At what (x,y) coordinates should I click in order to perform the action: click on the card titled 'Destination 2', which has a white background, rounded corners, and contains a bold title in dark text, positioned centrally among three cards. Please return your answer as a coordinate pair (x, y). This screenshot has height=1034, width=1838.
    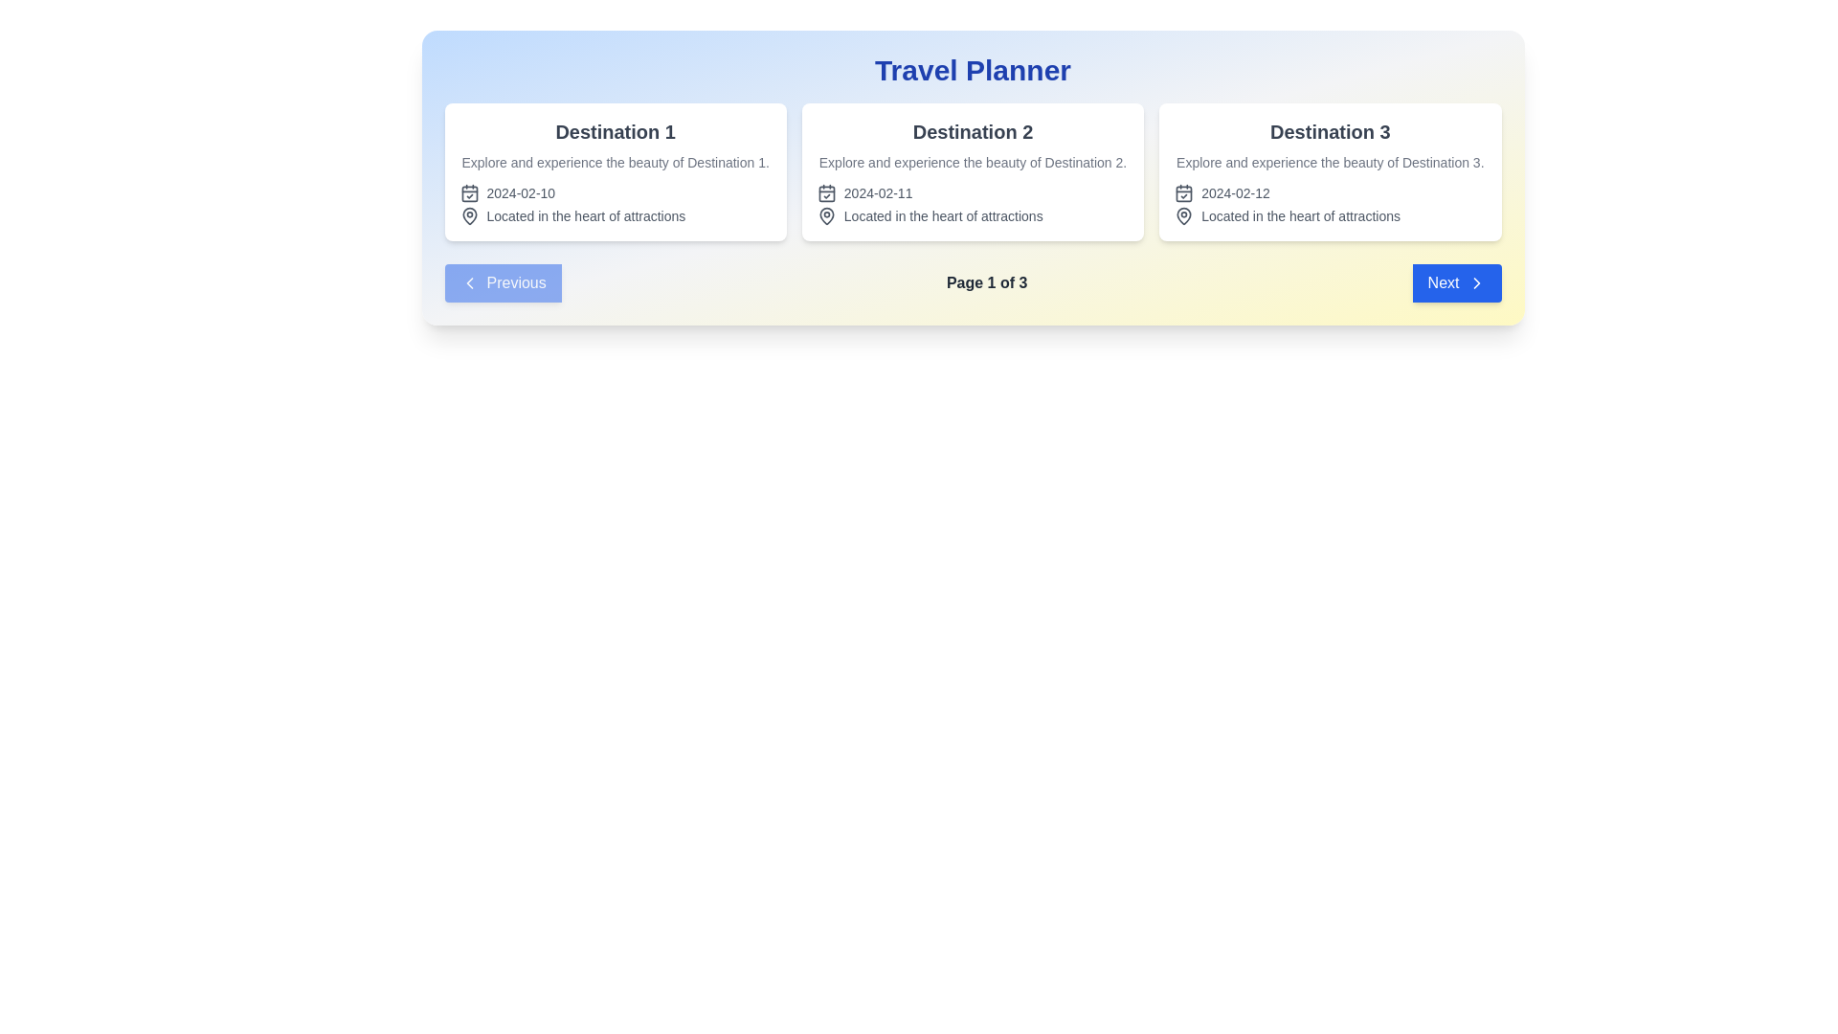
    Looking at the image, I should click on (973, 172).